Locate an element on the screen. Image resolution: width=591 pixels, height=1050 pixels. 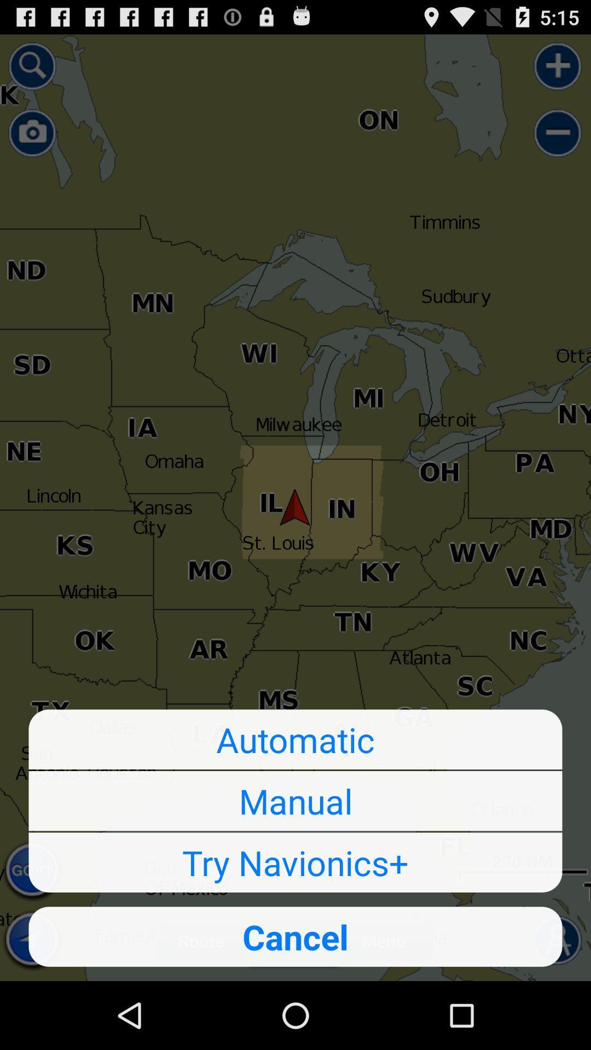
manual button is located at coordinates (296, 801).